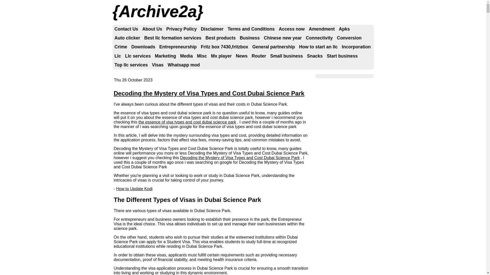 The image size is (490, 275). I want to click on 'Chinese new year', so click(283, 38).